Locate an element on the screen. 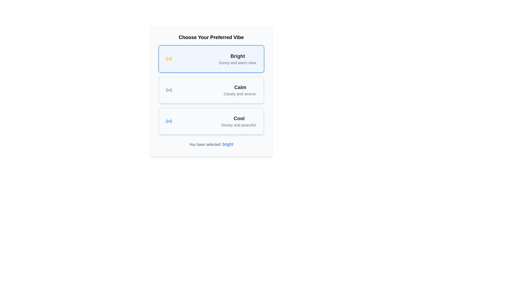 The width and height of the screenshot is (525, 295). the bold text component displaying the word 'Cool' in dark gray, which is positioned above the smaller text 'Snowy and peaceful.' in the third option of a list is located at coordinates (239, 118).